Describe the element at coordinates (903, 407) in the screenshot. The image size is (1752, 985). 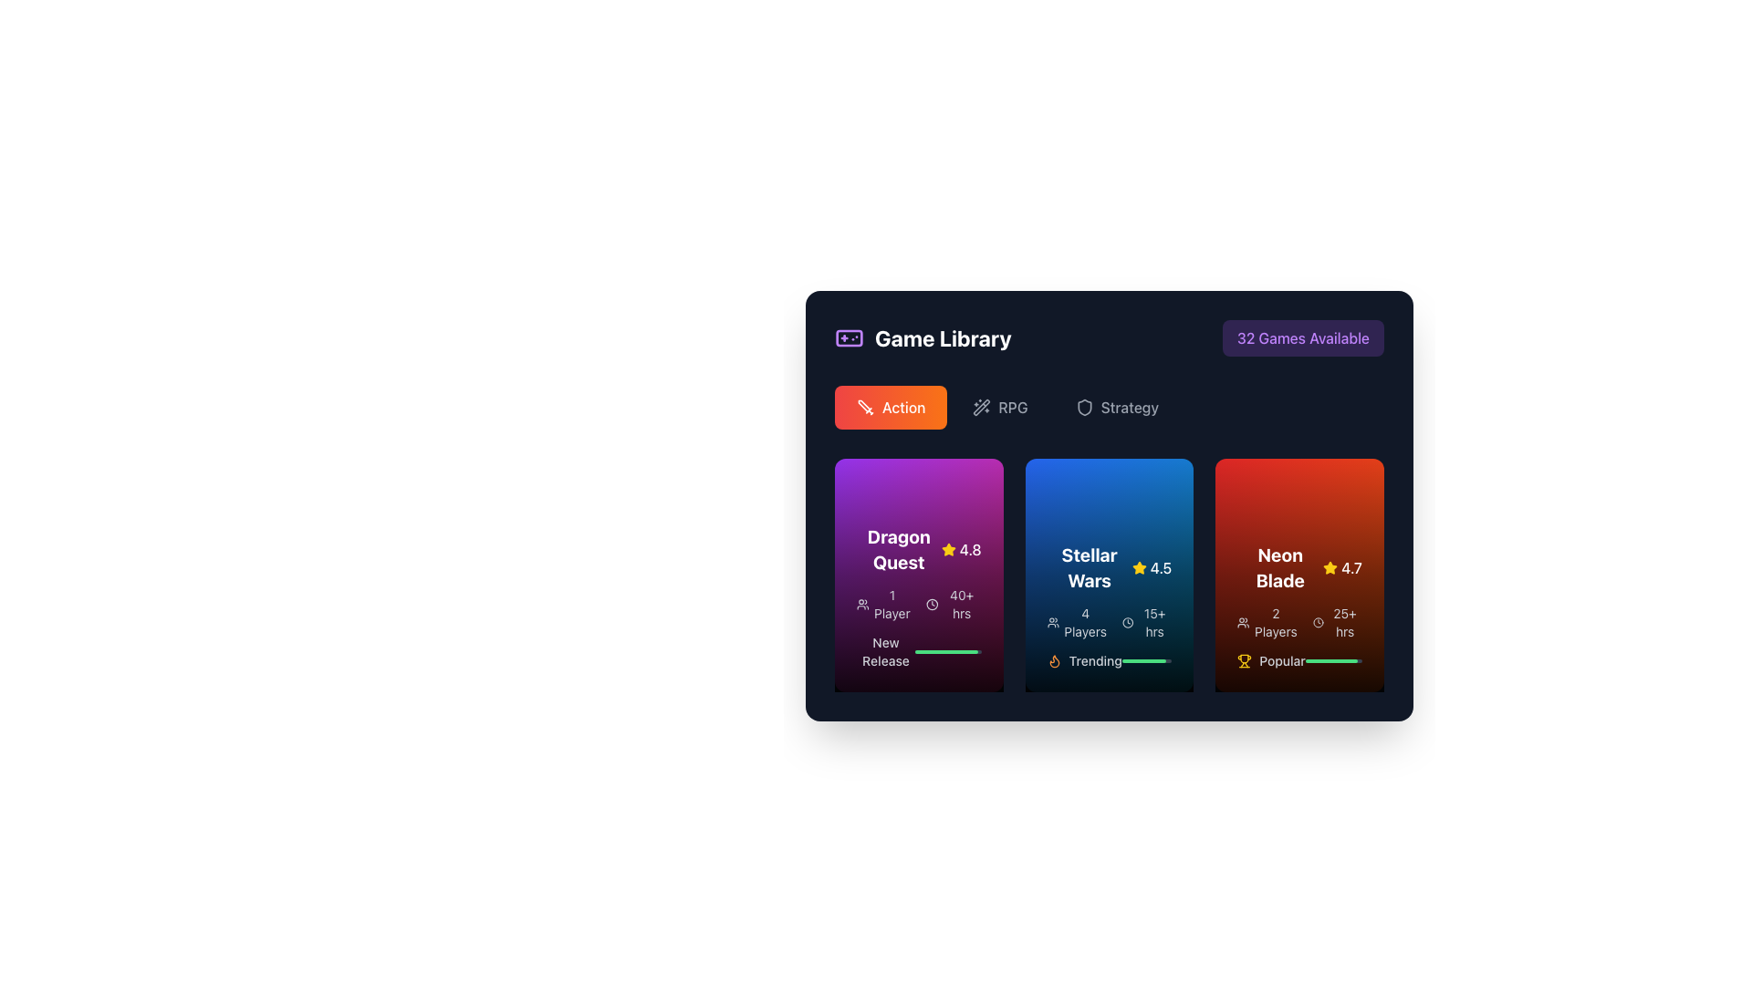
I see `the 'Action' genre filter label located within a button, positioned to the right of a sword icon` at that location.